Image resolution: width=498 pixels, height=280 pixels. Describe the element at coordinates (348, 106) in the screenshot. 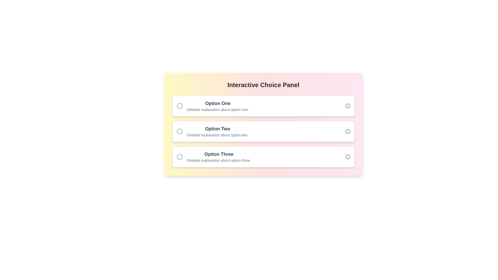

I see `the circular UI decoration or icon located adjacent to the right of the text label 'Option One' in the first selection row` at that location.